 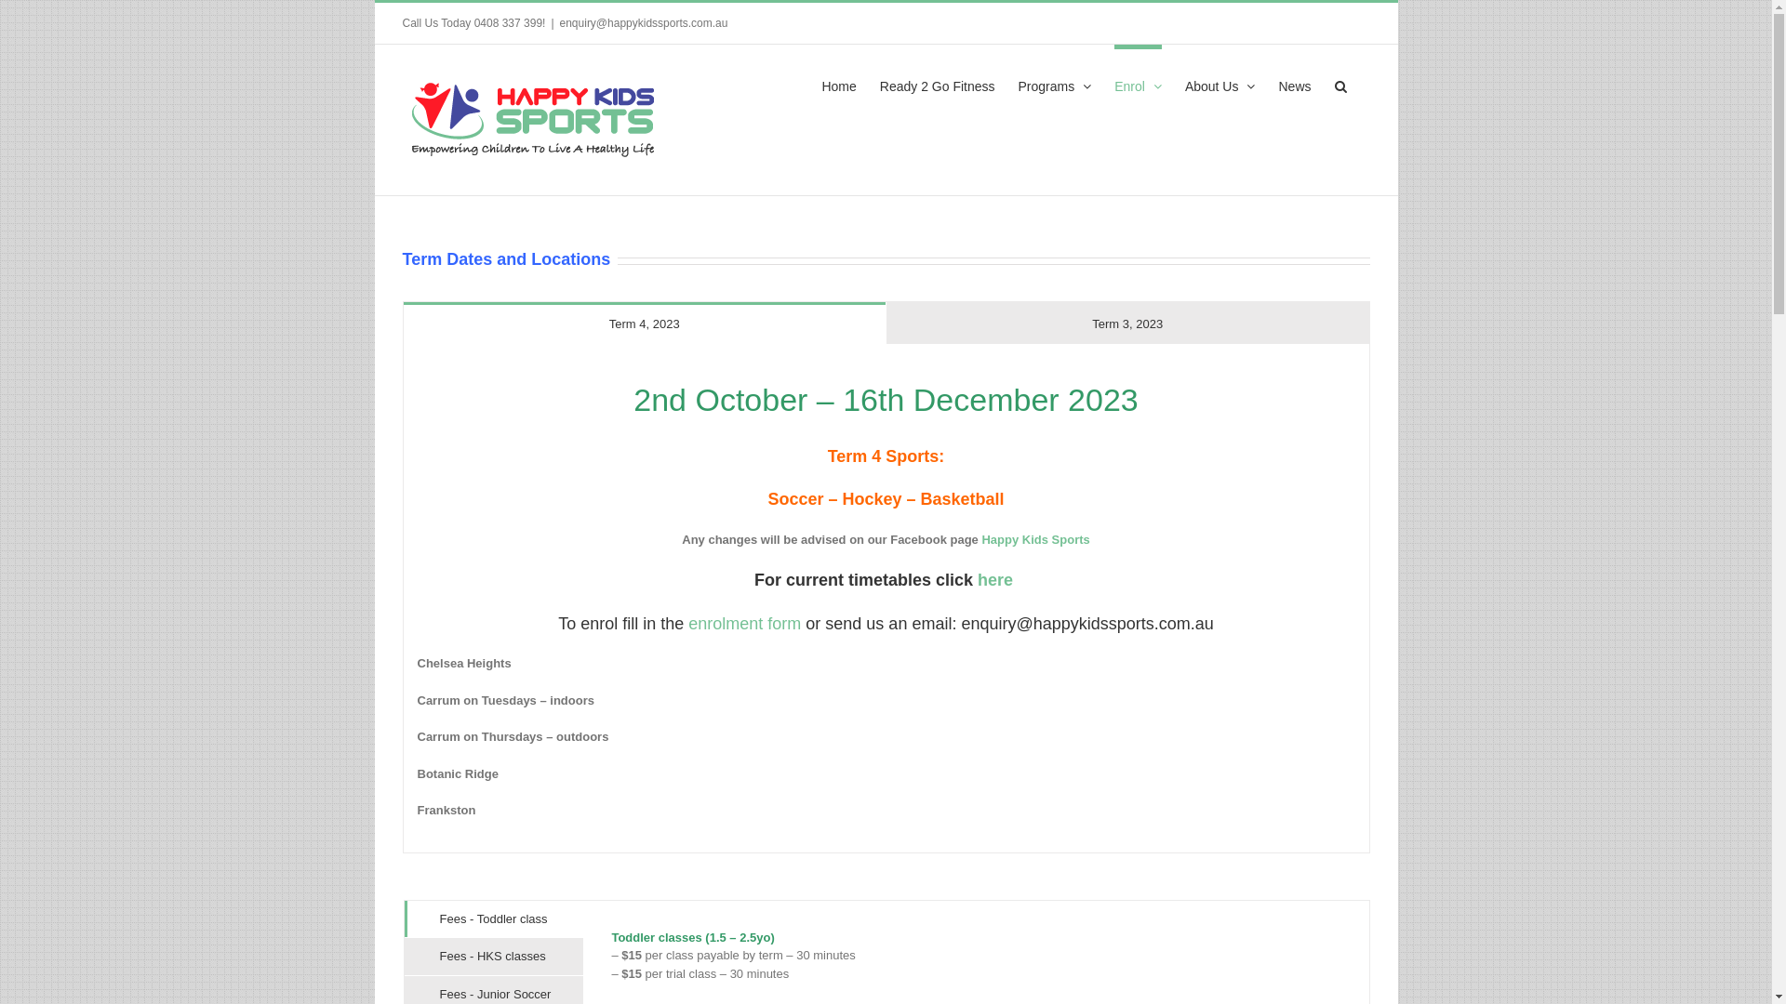 What do you see at coordinates (493, 918) in the screenshot?
I see `'Fees - Toddler class'` at bounding box center [493, 918].